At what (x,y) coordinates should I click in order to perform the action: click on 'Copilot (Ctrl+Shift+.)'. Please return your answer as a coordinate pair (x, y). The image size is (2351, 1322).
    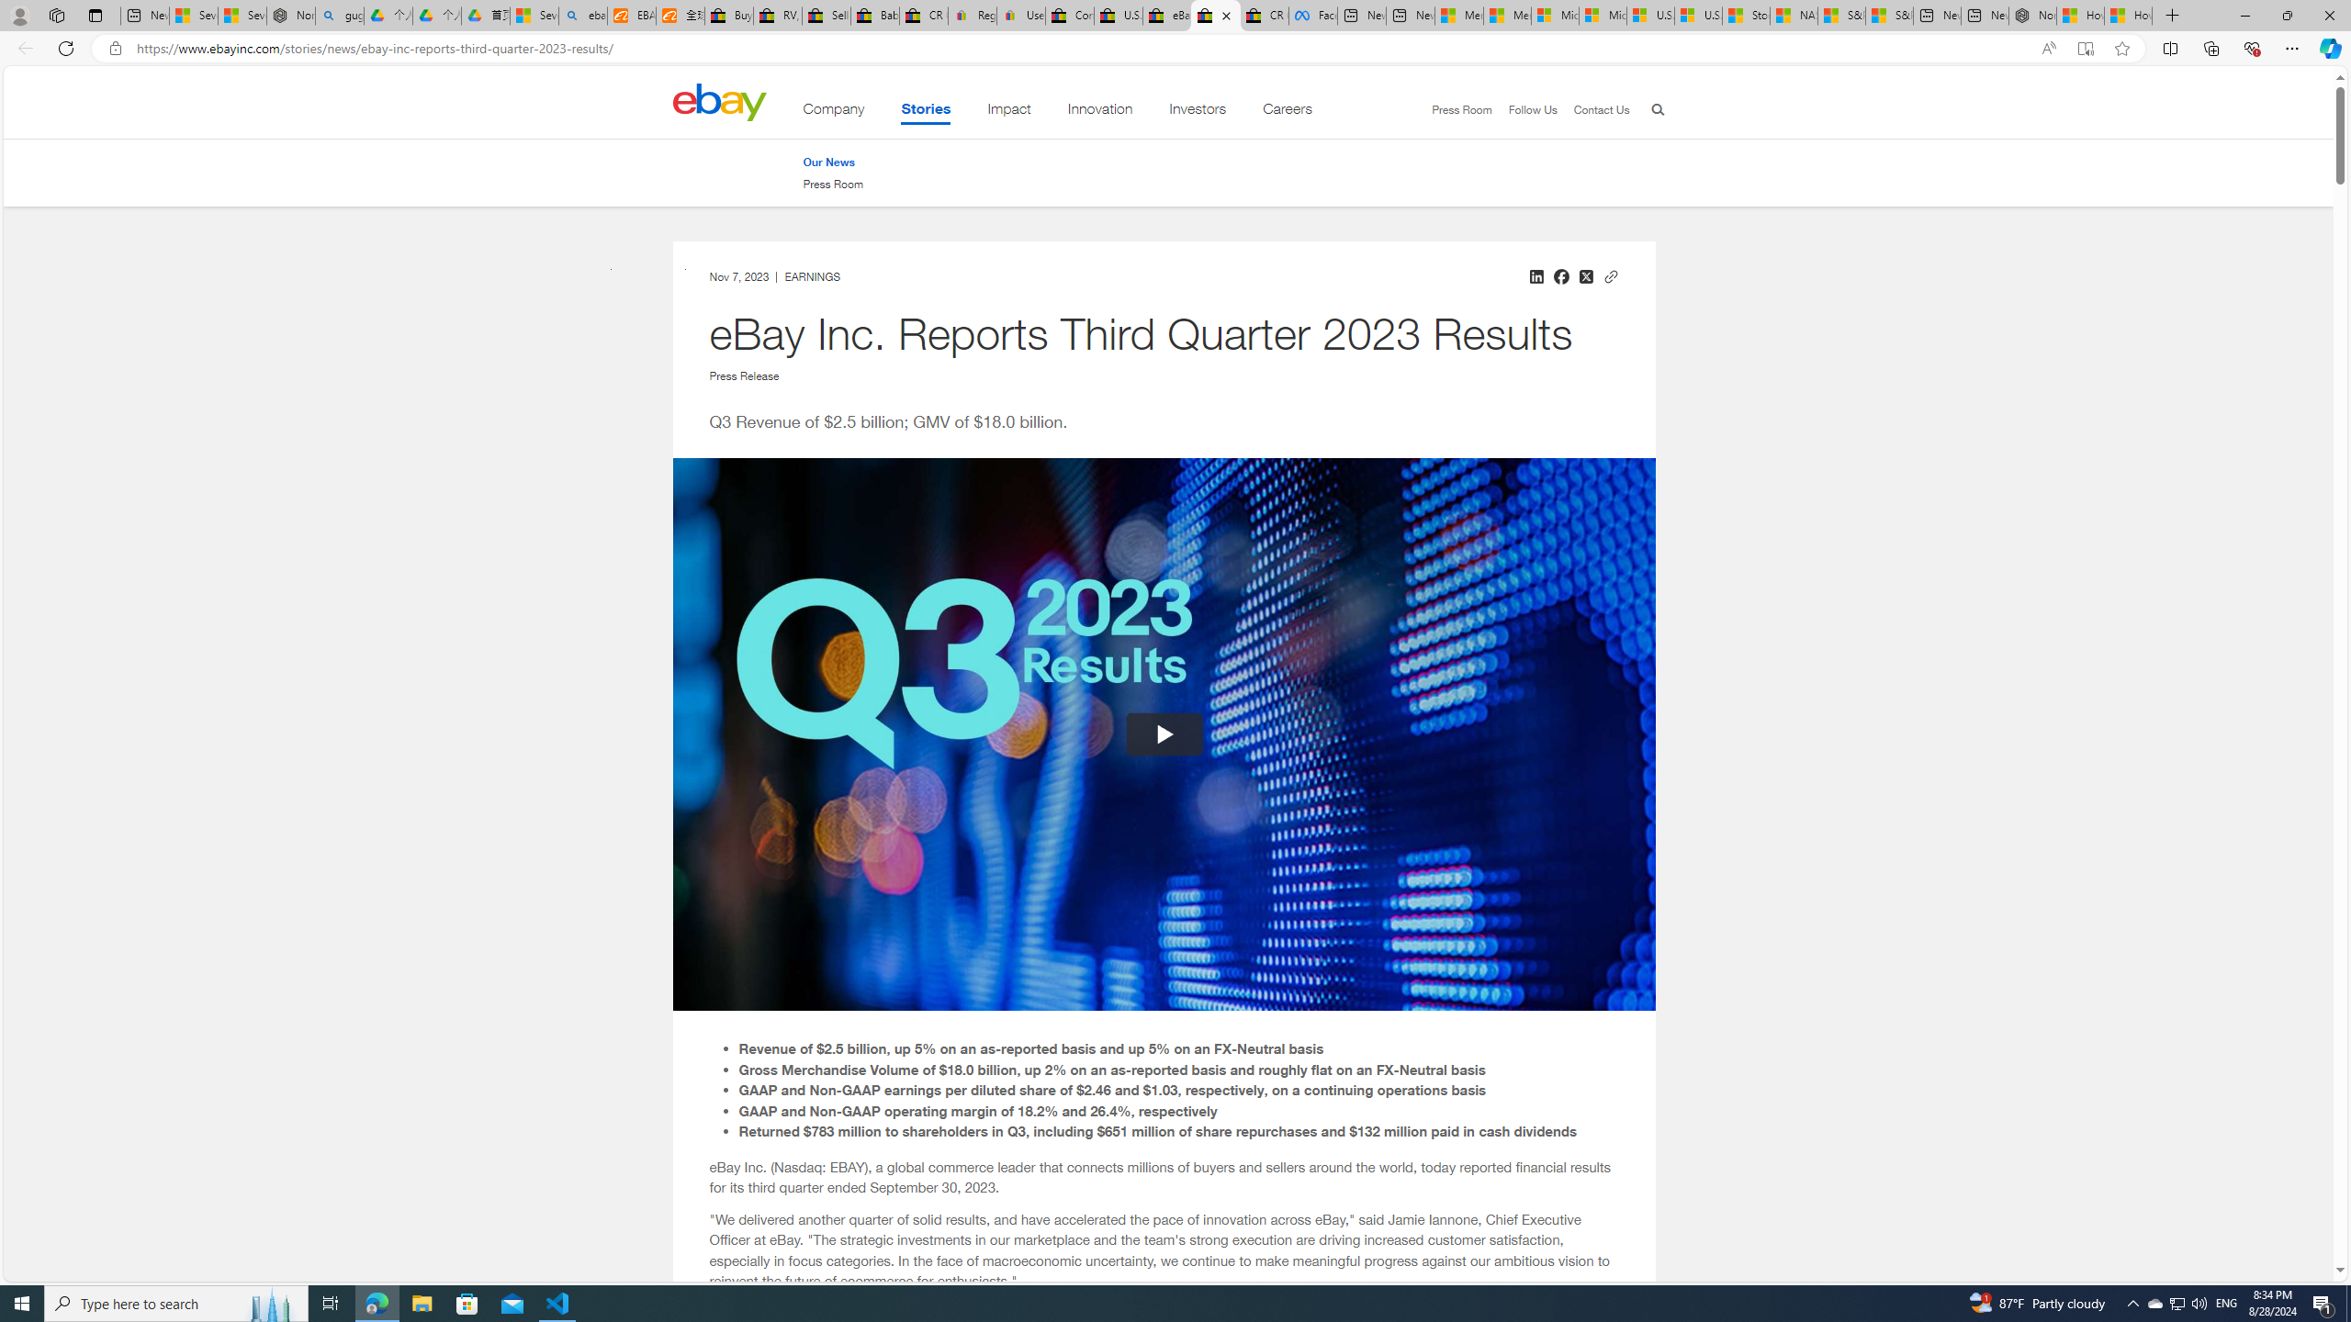
    Looking at the image, I should click on (2328, 47).